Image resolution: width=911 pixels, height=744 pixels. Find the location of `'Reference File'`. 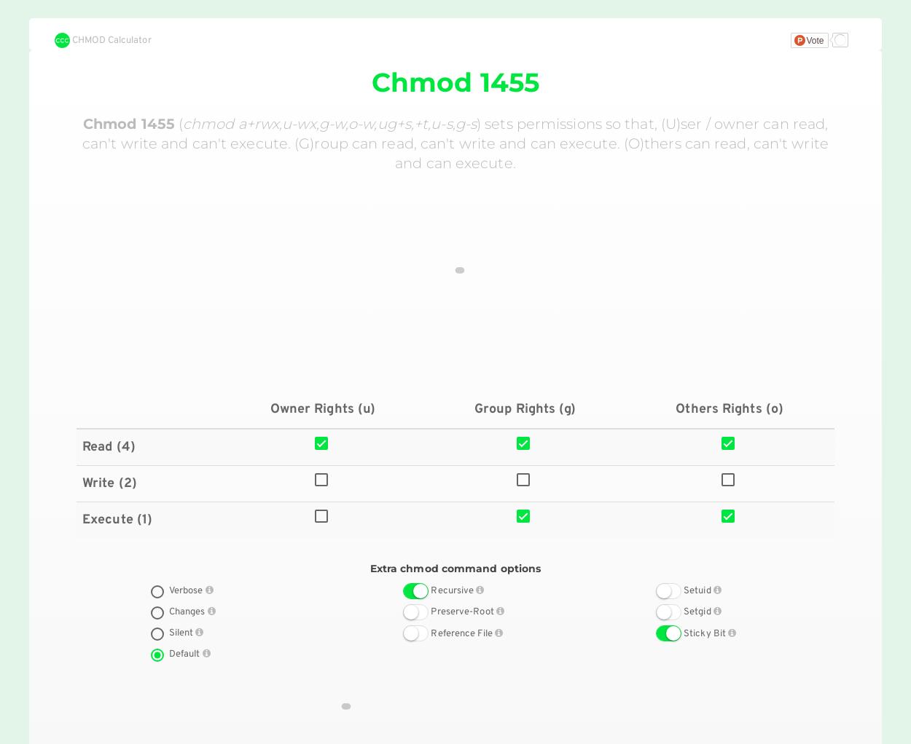

'Reference File' is located at coordinates (462, 633).